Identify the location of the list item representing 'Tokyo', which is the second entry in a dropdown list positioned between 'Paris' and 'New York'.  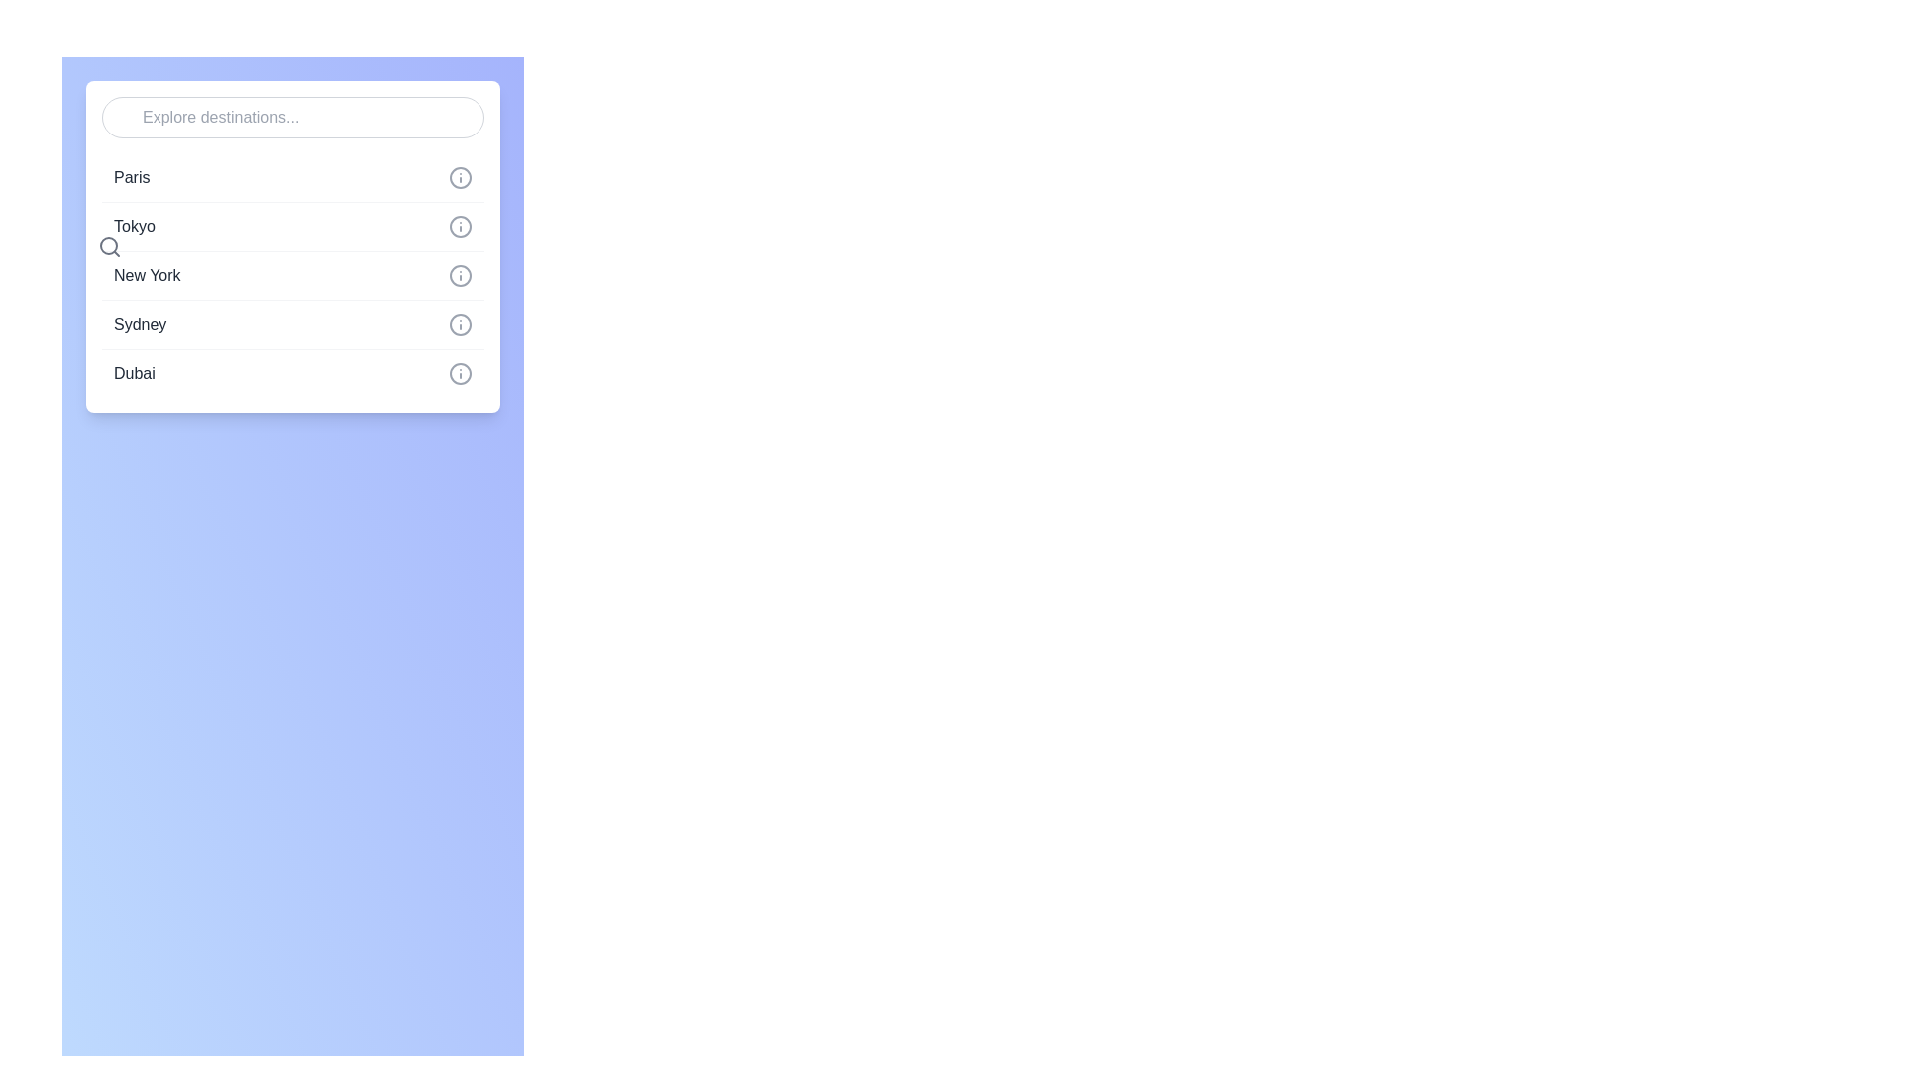
(291, 225).